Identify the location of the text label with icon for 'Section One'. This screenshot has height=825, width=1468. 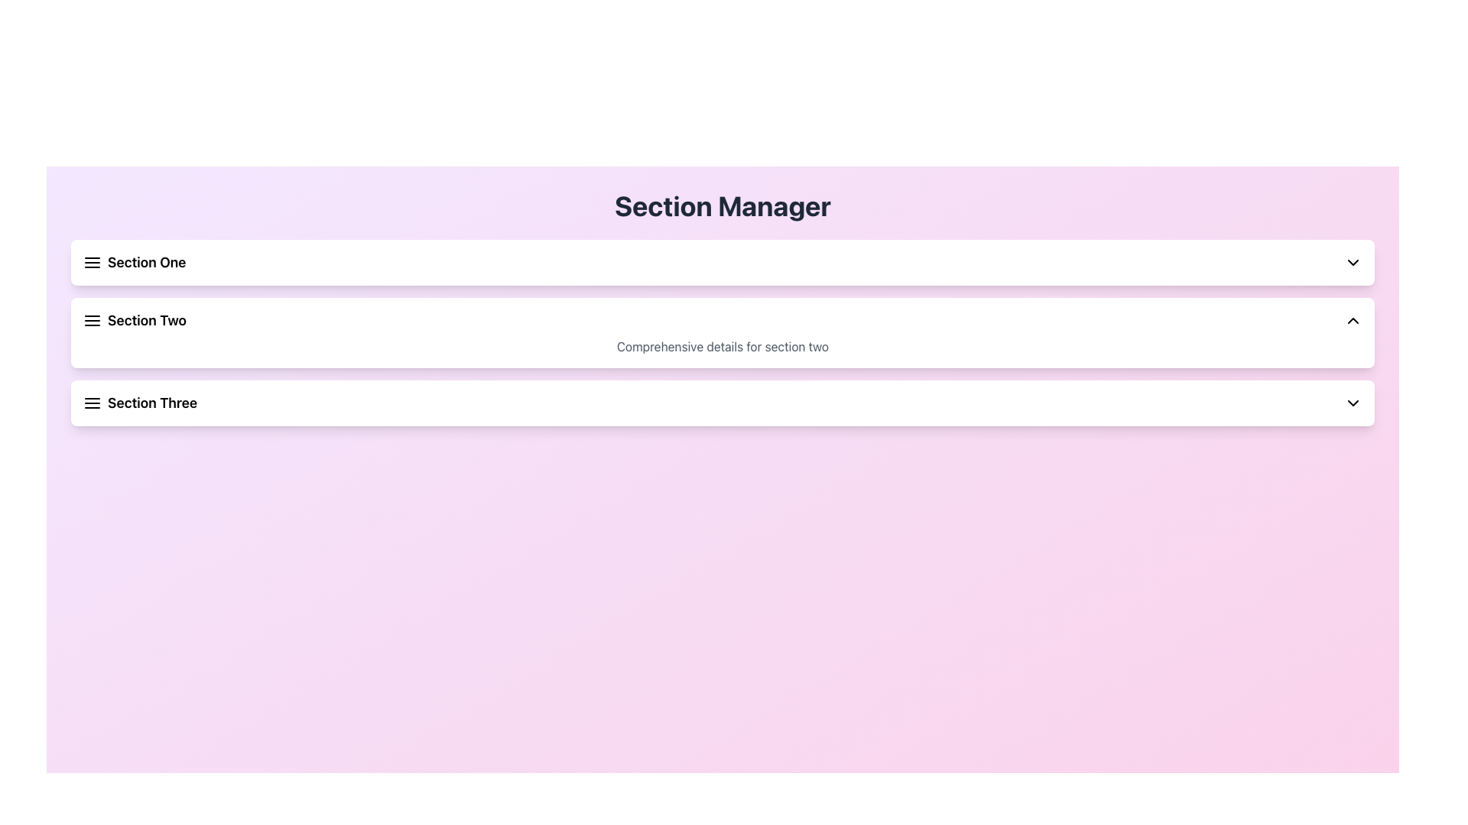
(135, 261).